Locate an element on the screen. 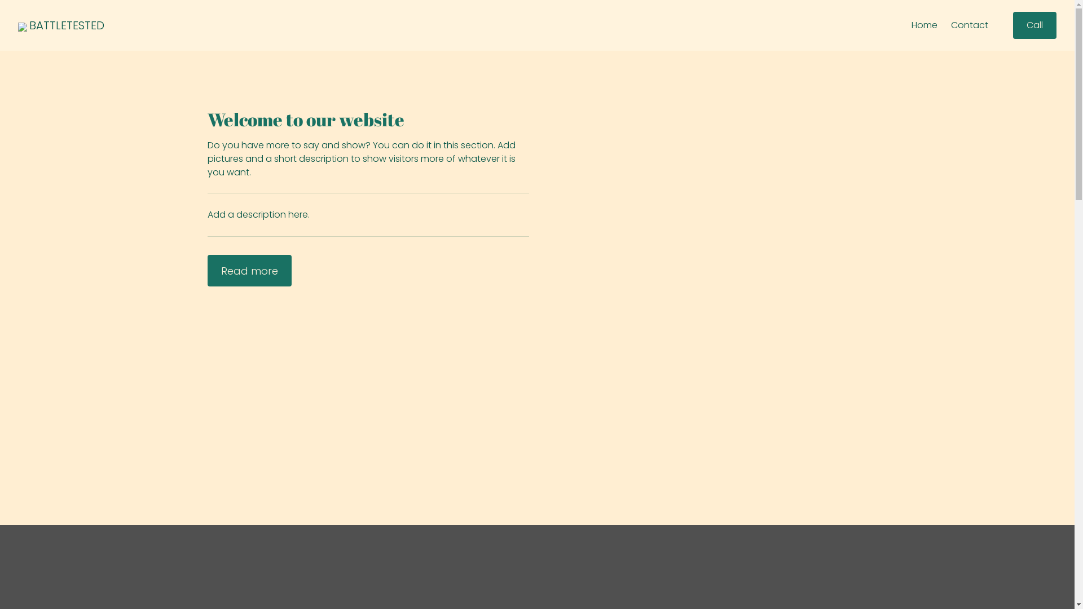 This screenshot has width=1083, height=609. 'BATTLETESTED' is located at coordinates (66, 25).